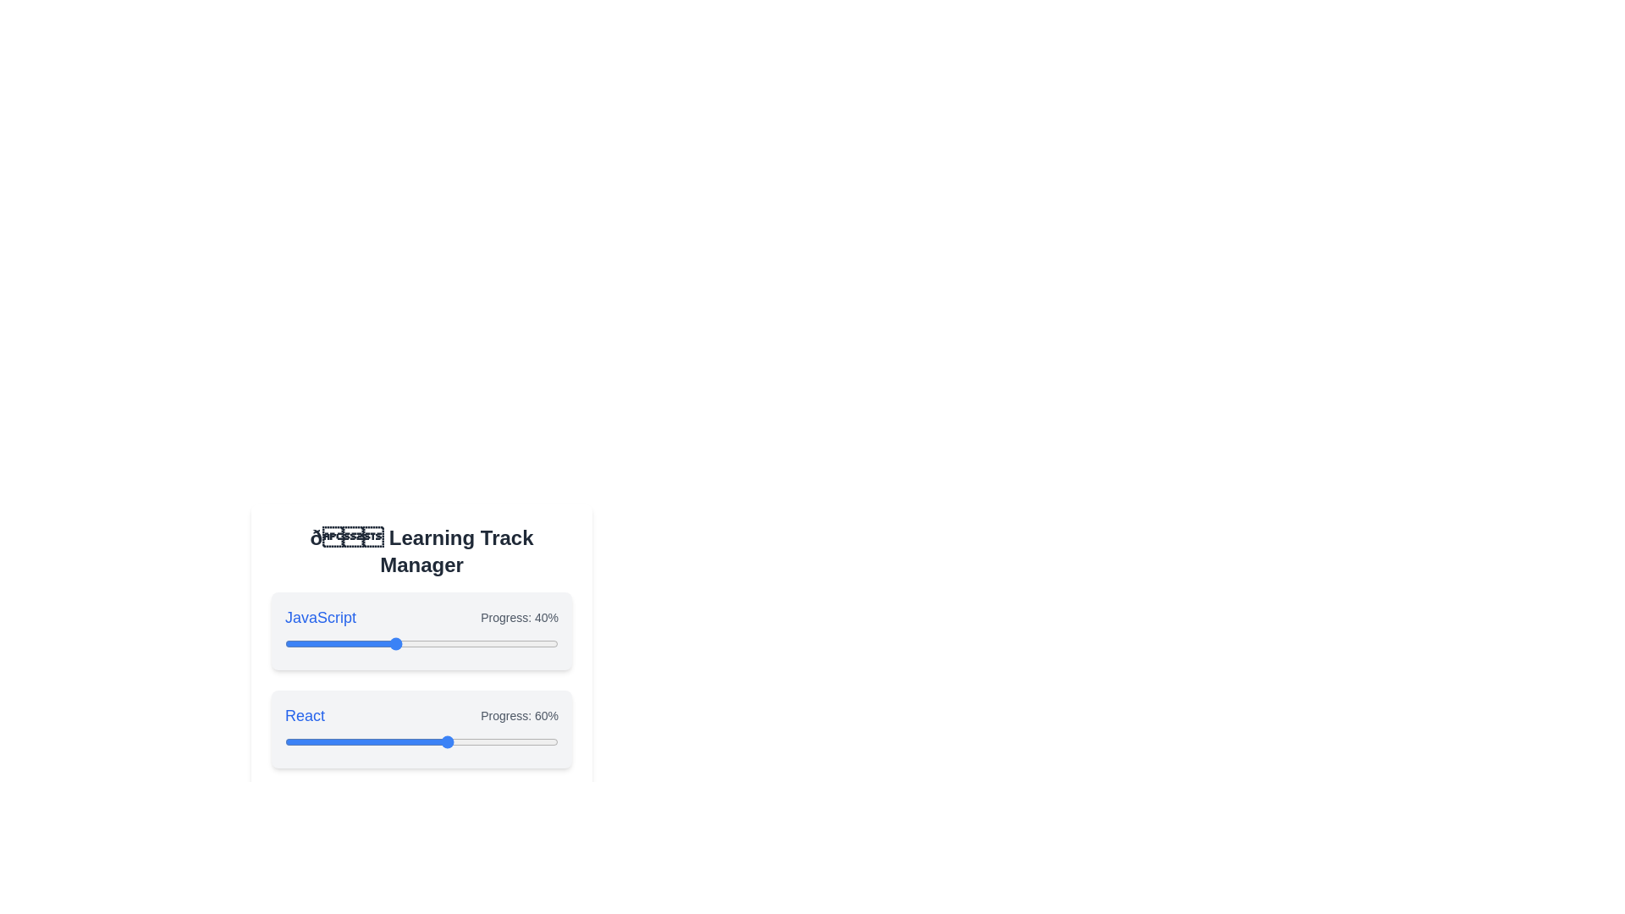  Describe the element at coordinates (451, 643) in the screenshot. I see `the progress for 'JavaScript' track` at that location.